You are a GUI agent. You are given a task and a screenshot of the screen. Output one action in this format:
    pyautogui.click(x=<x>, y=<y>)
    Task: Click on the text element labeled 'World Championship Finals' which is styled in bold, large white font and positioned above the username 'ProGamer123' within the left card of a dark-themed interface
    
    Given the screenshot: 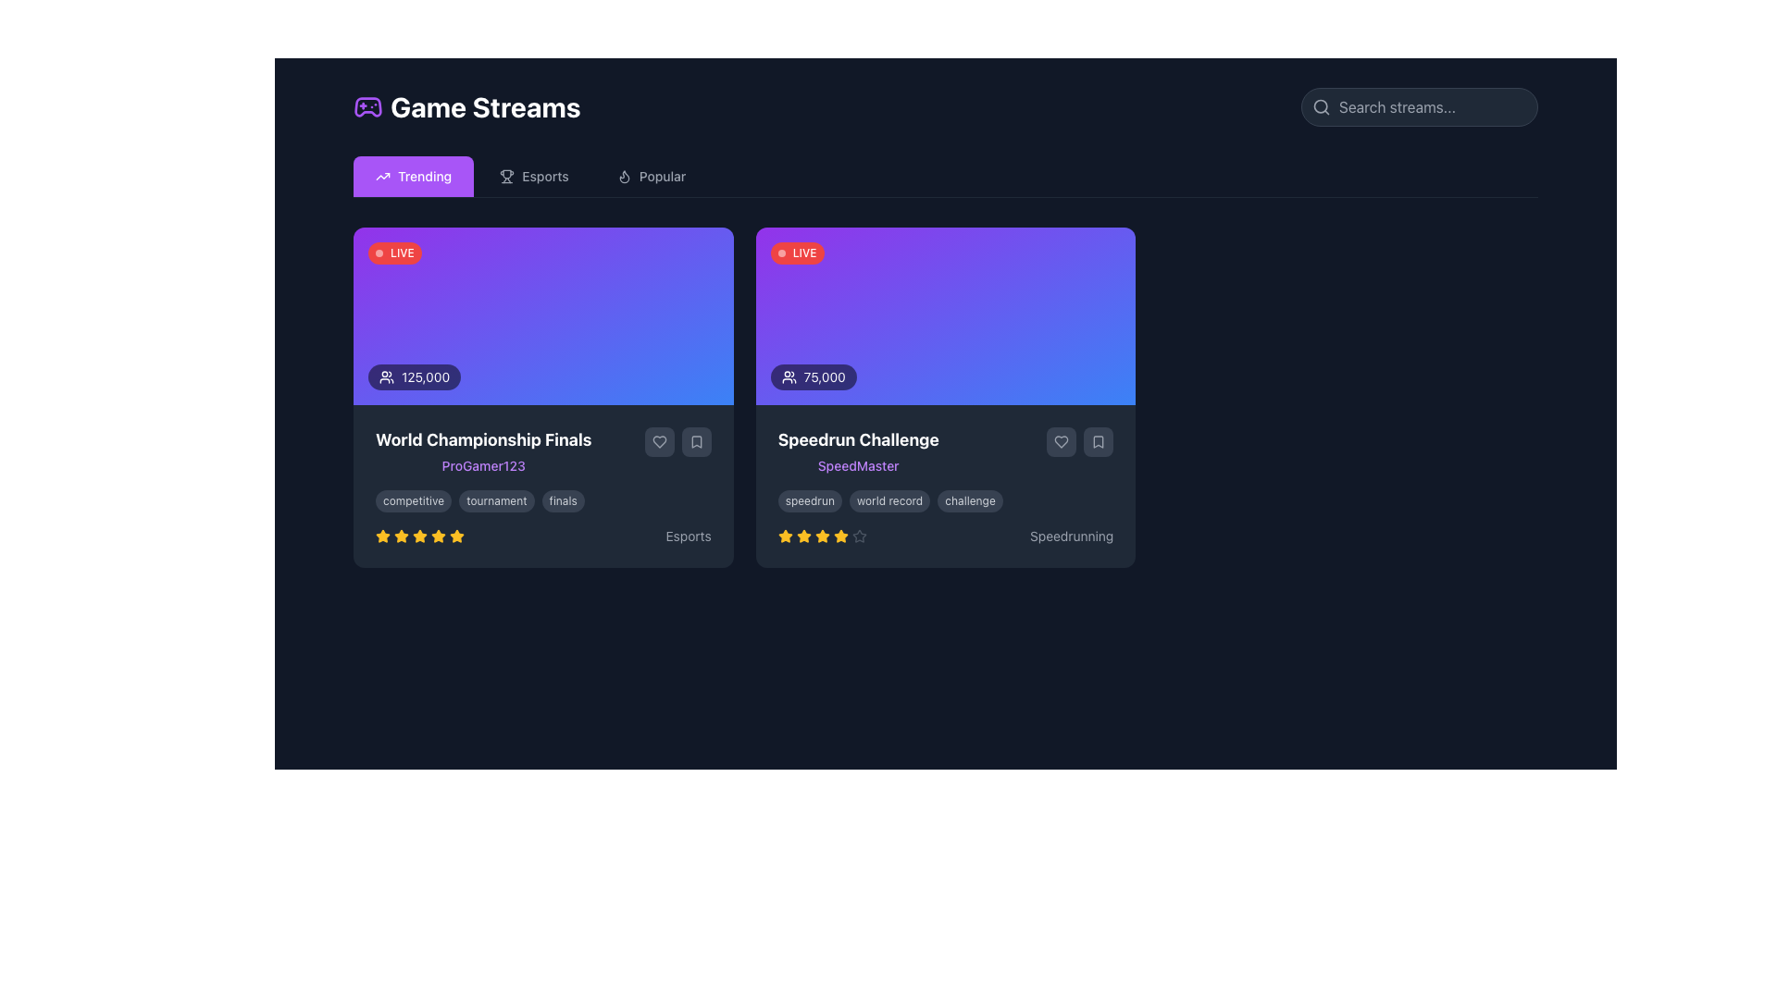 What is the action you would take?
    pyautogui.click(x=483, y=439)
    